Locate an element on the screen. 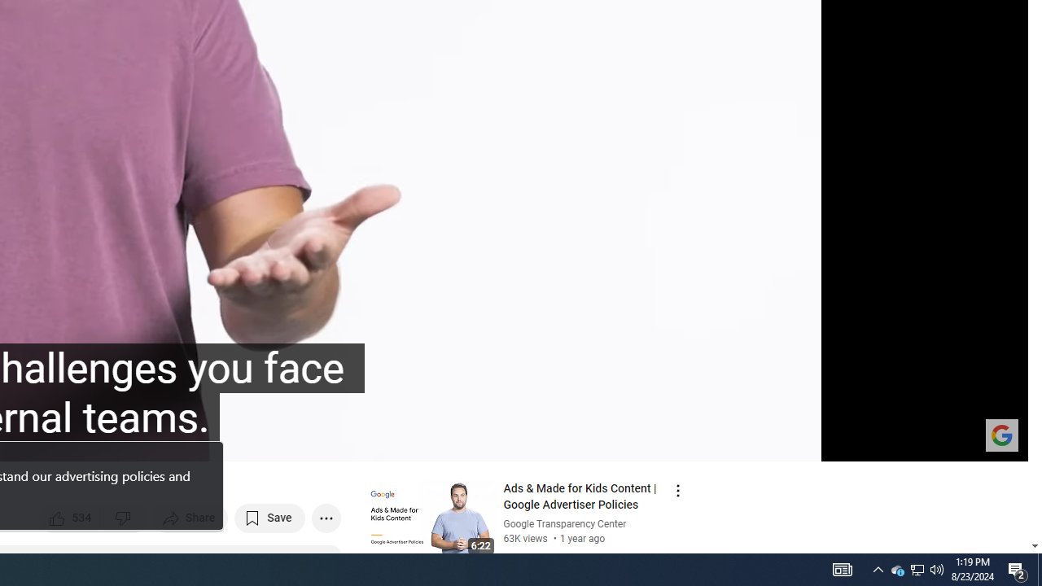 The image size is (1042, 586). 'Share' is located at coordinates (190, 518).